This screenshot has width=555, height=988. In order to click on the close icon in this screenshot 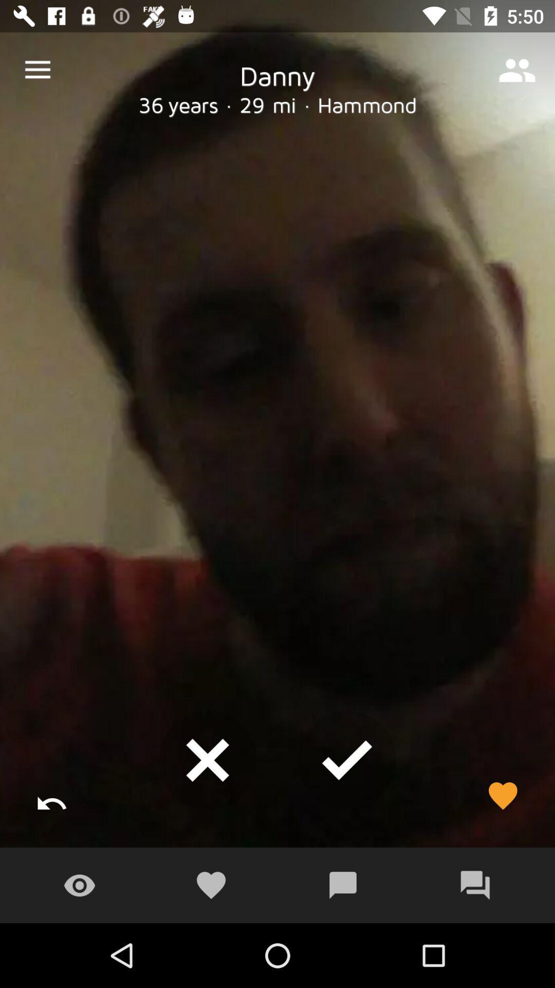, I will do `click(208, 760)`.